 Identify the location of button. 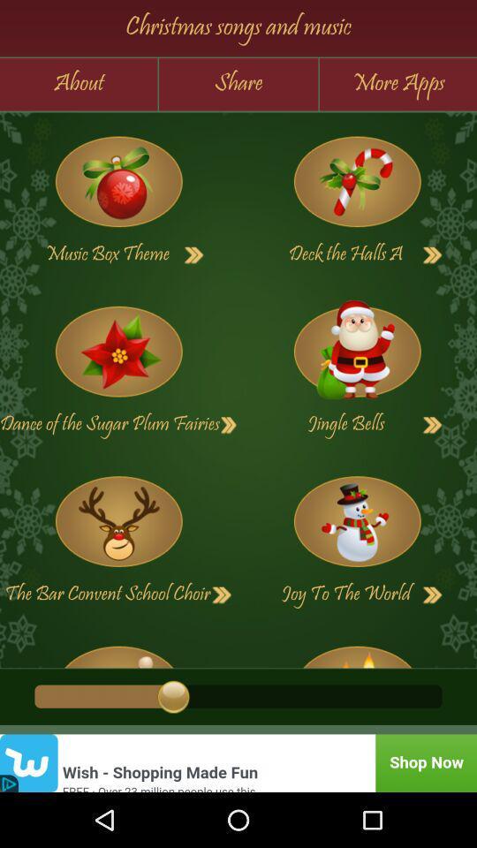
(432, 424).